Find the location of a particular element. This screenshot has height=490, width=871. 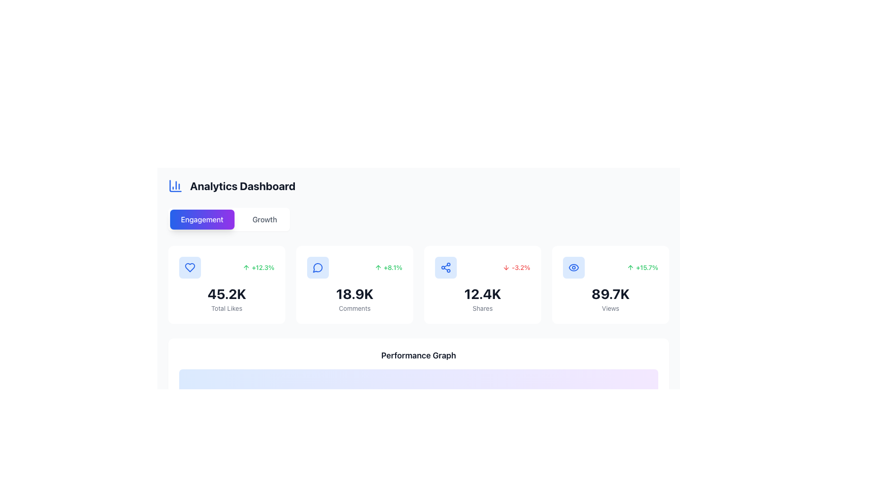

the blue circular eye icon located in the 'Views' card, which is in the last column of a group of cards is located at coordinates (573, 267).